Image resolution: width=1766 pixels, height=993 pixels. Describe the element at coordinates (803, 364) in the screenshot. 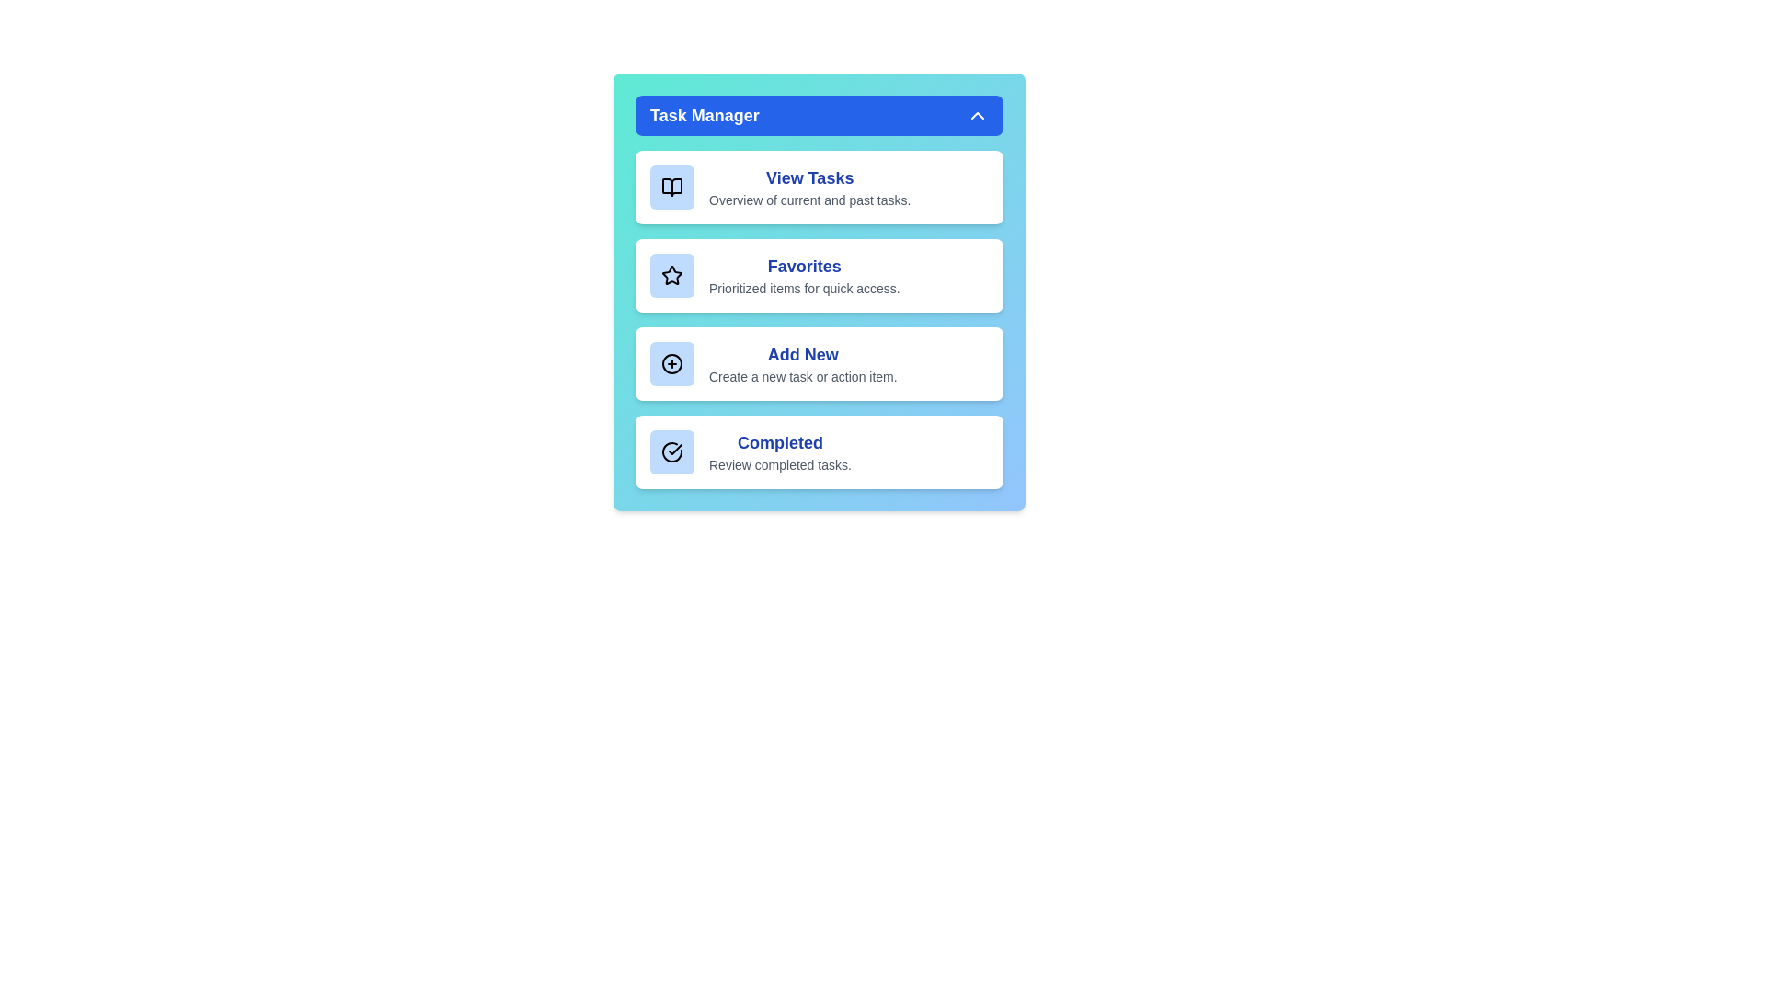

I see `the 'Add New' option to create a new task` at that location.